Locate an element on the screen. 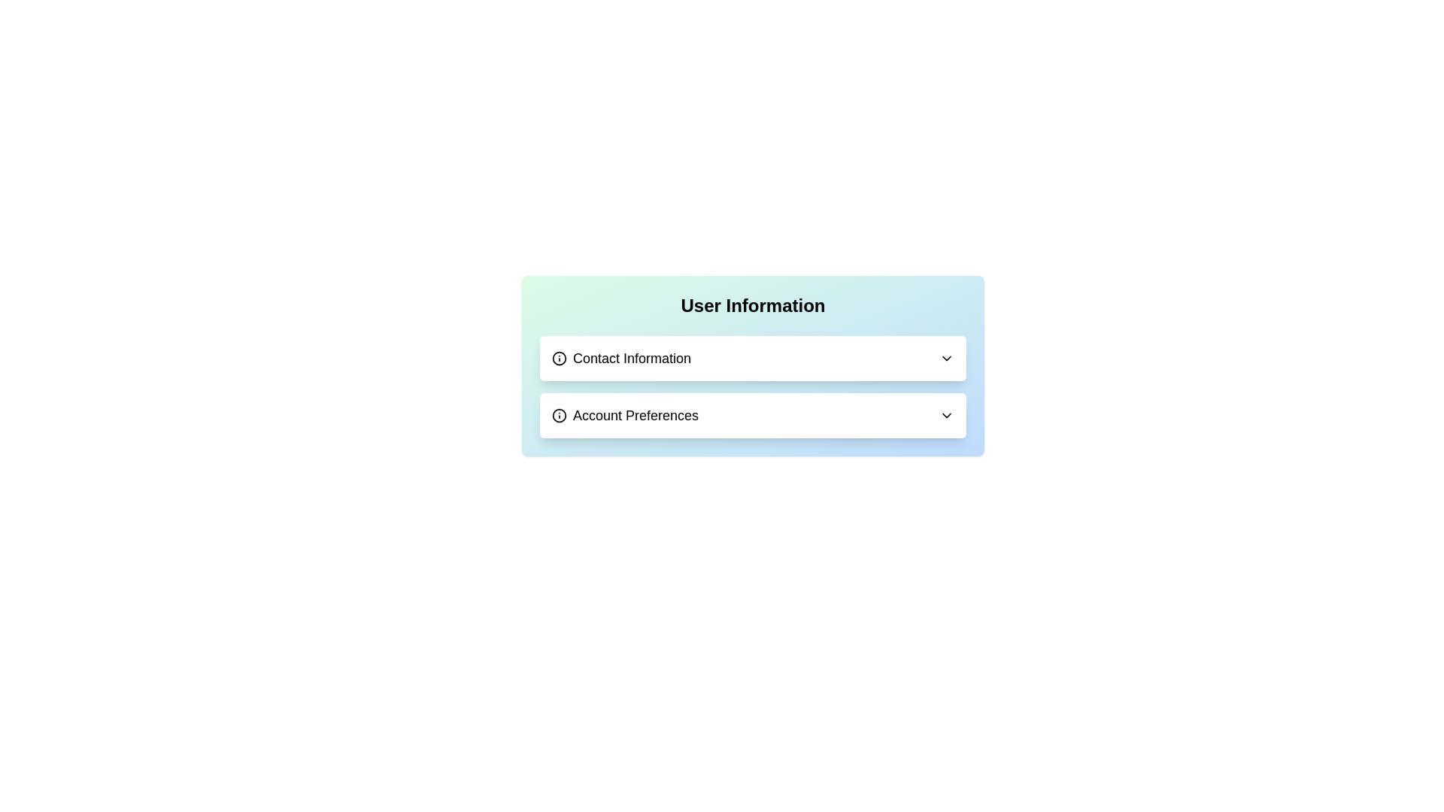 This screenshot has height=812, width=1444. text from the header label that describes the section, which is located at the top of the card-like component is located at coordinates (753, 305).